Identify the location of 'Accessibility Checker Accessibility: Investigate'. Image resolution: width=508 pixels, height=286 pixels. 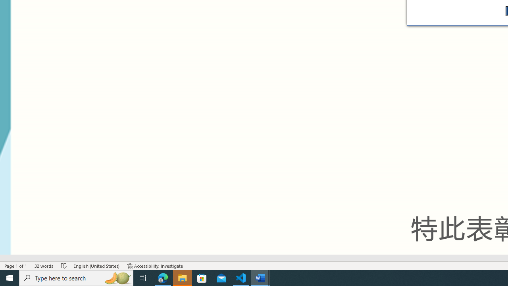
(155, 266).